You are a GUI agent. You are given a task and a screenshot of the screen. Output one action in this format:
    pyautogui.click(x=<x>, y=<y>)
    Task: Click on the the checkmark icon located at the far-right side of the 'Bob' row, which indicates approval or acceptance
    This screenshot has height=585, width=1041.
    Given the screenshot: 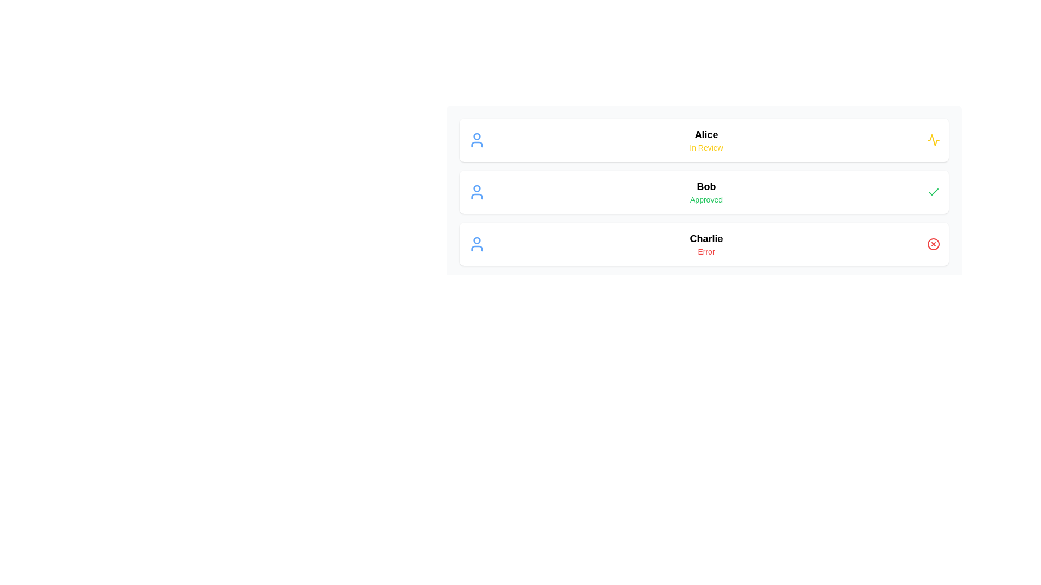 What is the action you would take?
    pyautogui.click(x=933, y=191)
    